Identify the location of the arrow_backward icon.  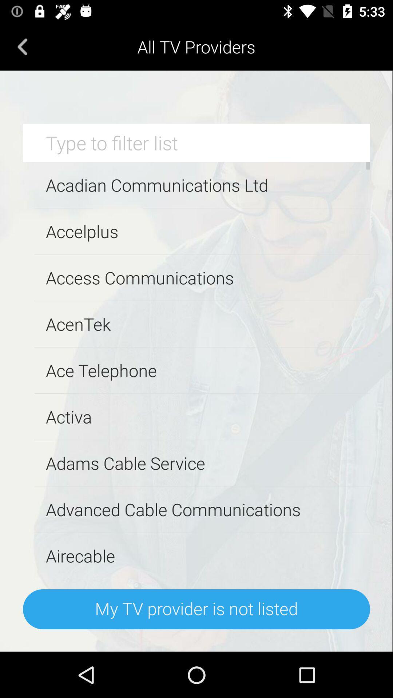
(22, 46).